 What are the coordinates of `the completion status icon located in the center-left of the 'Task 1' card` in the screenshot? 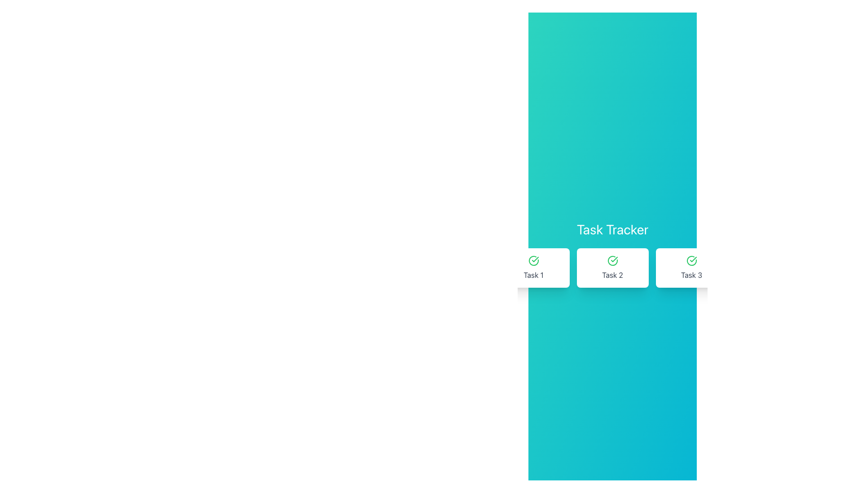 It's located at (533, 261).